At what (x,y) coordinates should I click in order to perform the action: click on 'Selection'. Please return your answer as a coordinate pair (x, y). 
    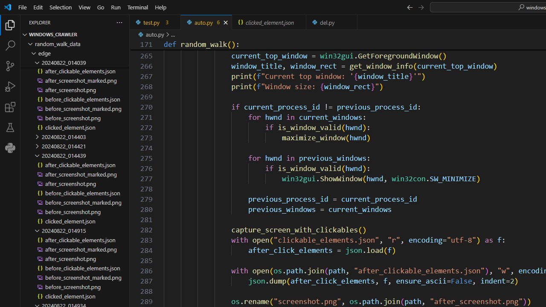
    Looking at the image, I should click on (60, 7).